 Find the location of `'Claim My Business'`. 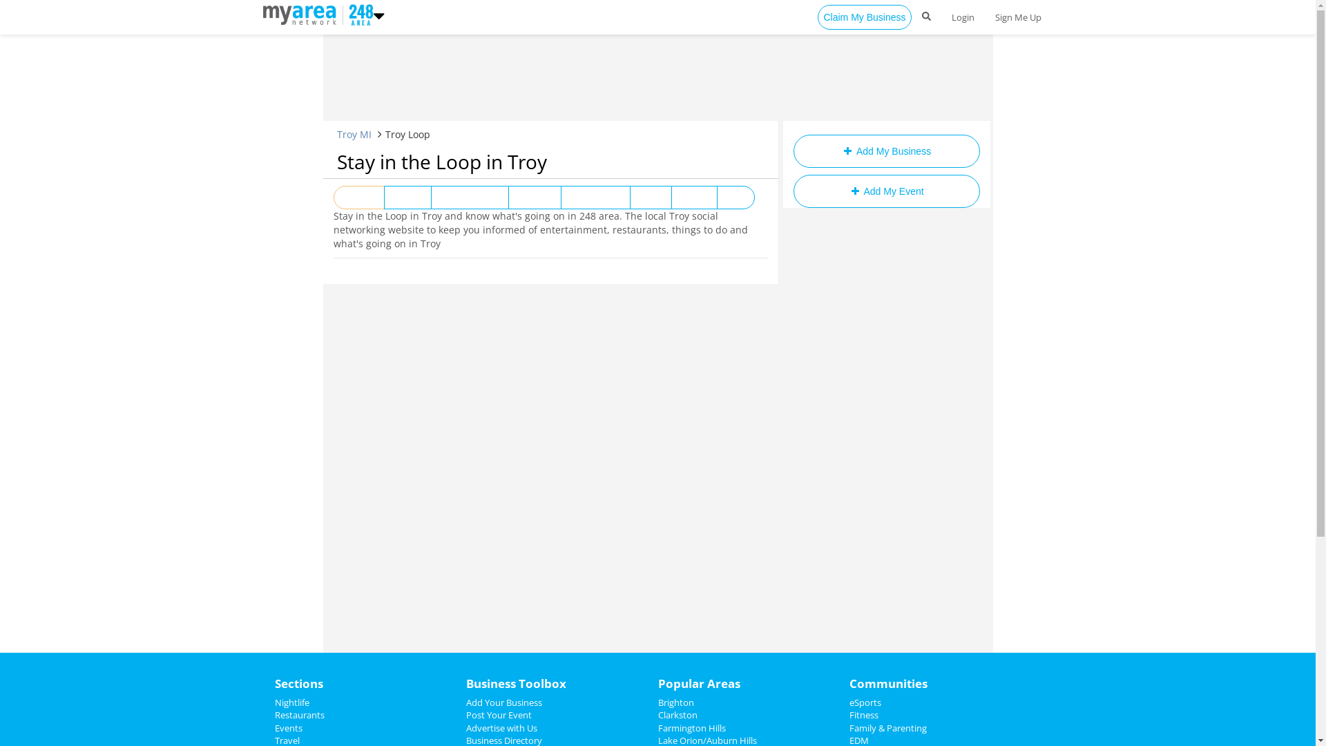

'Claim My Business' is located at coordinates (818, 17).